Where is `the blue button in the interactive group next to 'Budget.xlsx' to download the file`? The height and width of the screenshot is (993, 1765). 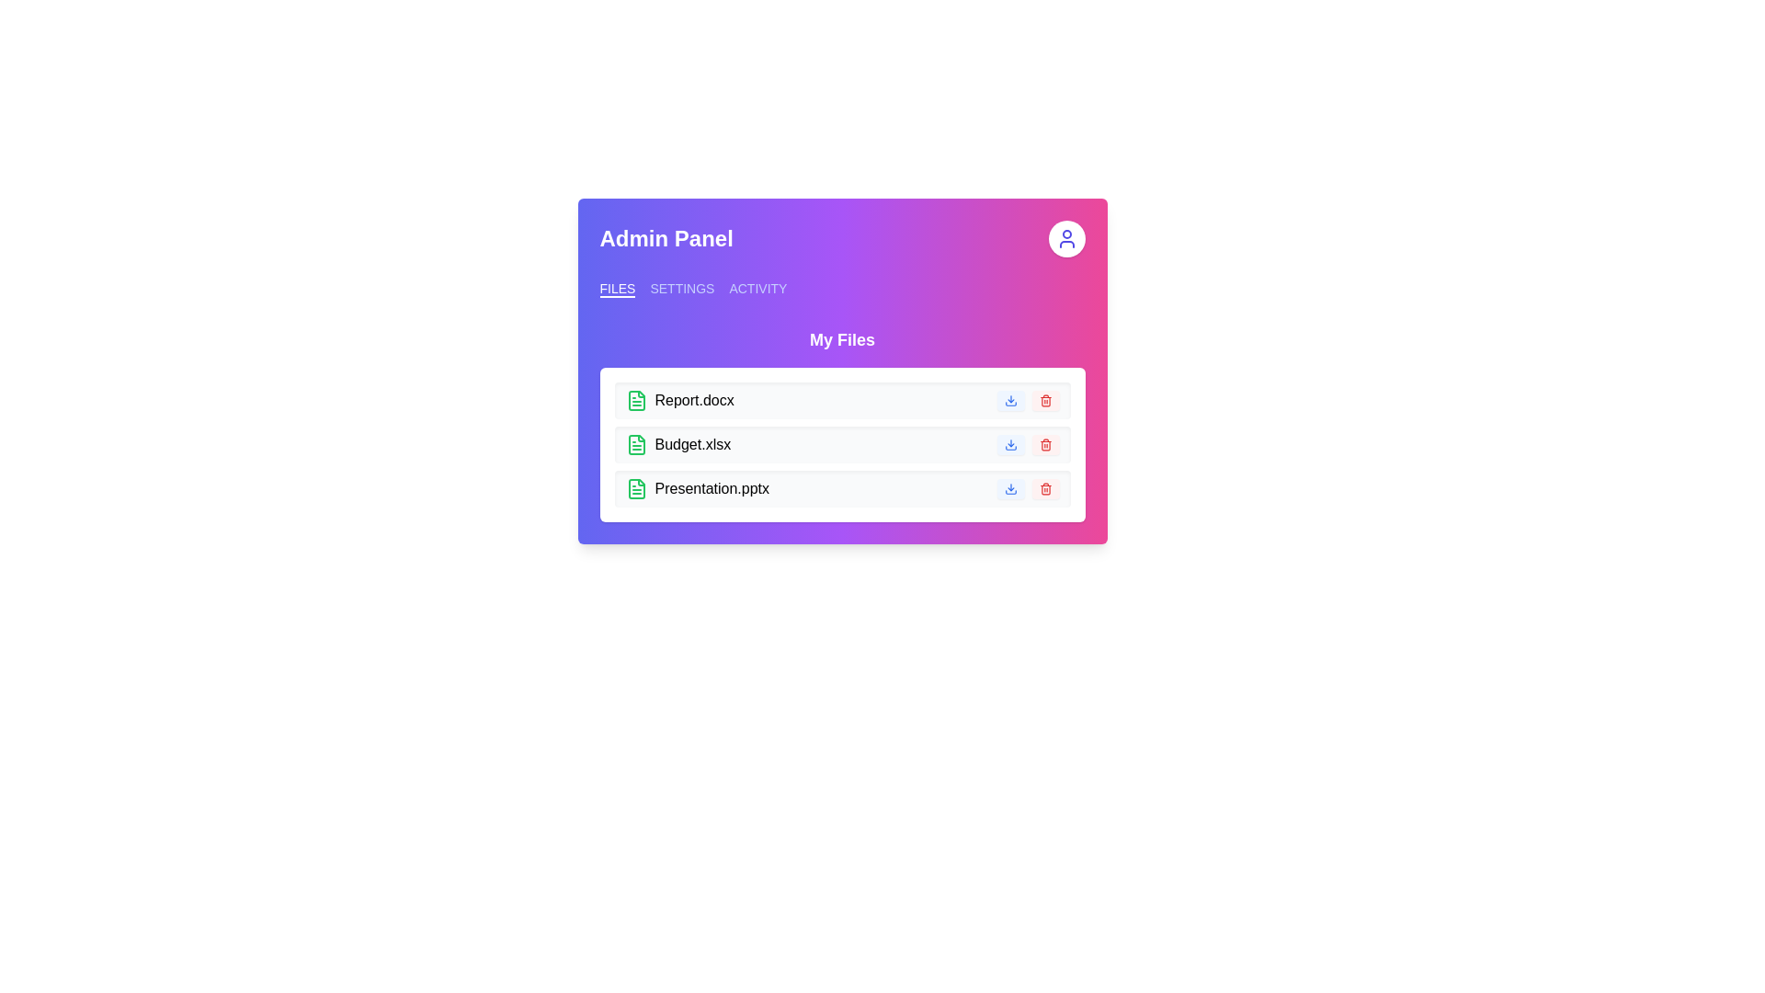 the blue button in the interactive group next to 'Budget.xlsx' to download the file is located at coordinates (1027, 444).